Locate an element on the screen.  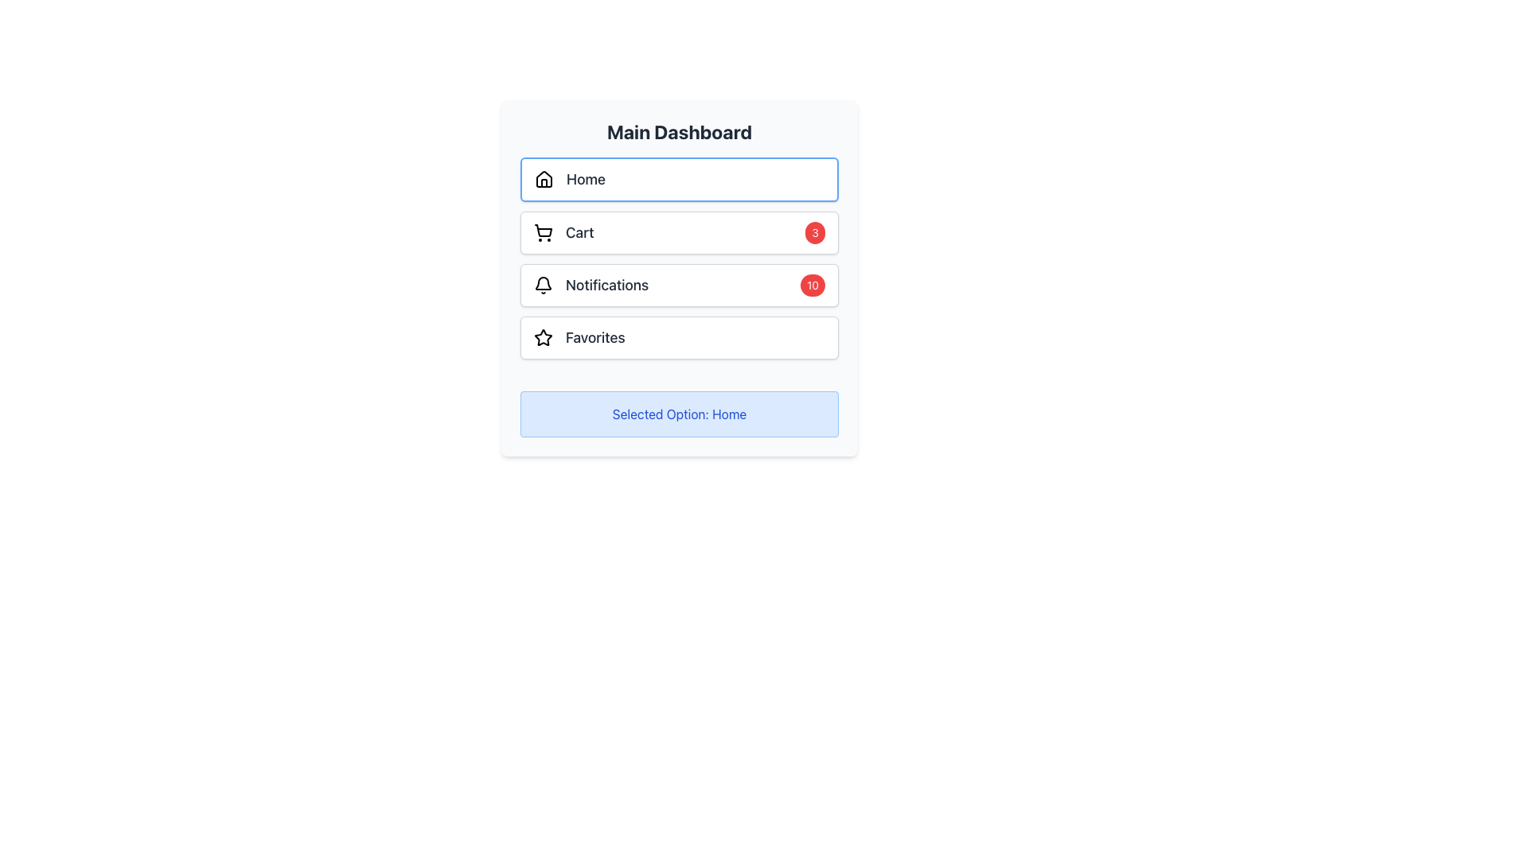
the 'Favorites' icon, which serves as a visual representation of the 'Favorites' option, located to the left of the 'Favorites' menu entry in the vertical menu list is located at coordinates (543, 336).